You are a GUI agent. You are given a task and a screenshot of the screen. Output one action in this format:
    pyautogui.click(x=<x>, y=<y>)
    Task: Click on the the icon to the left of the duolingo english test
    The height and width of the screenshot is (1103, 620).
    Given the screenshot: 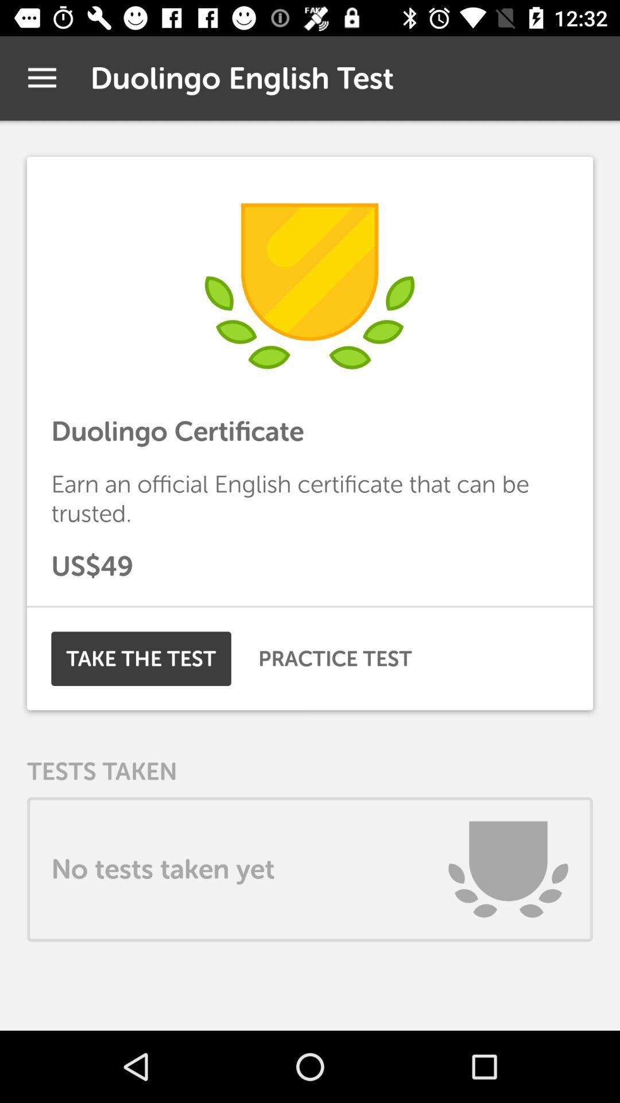 What is the action you would take?
    pyautogui.click(x=41, y=78)
    